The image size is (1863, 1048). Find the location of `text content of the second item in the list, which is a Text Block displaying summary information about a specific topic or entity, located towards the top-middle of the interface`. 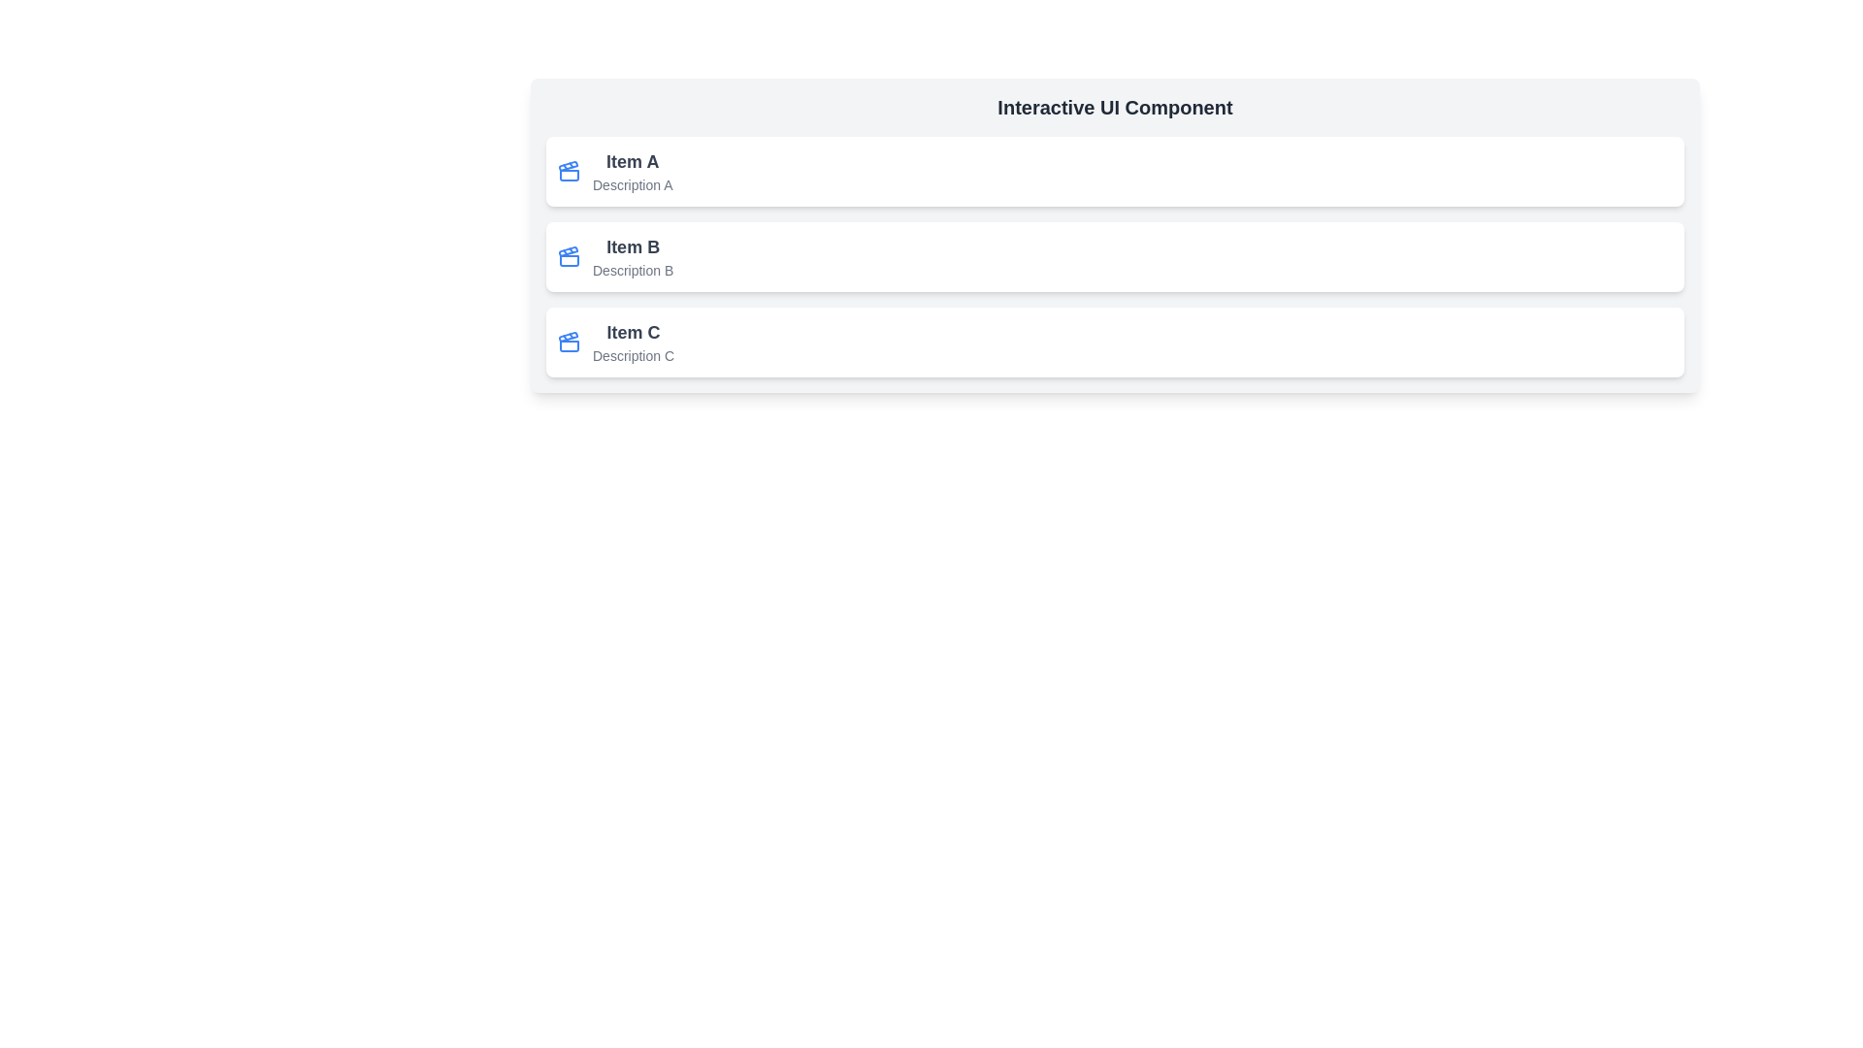

text content of the second item in the list, which is a Text Block displaying summary information about a specific topic or entity, located towards the top-middle of the interface is located at coordinates (633, 256).